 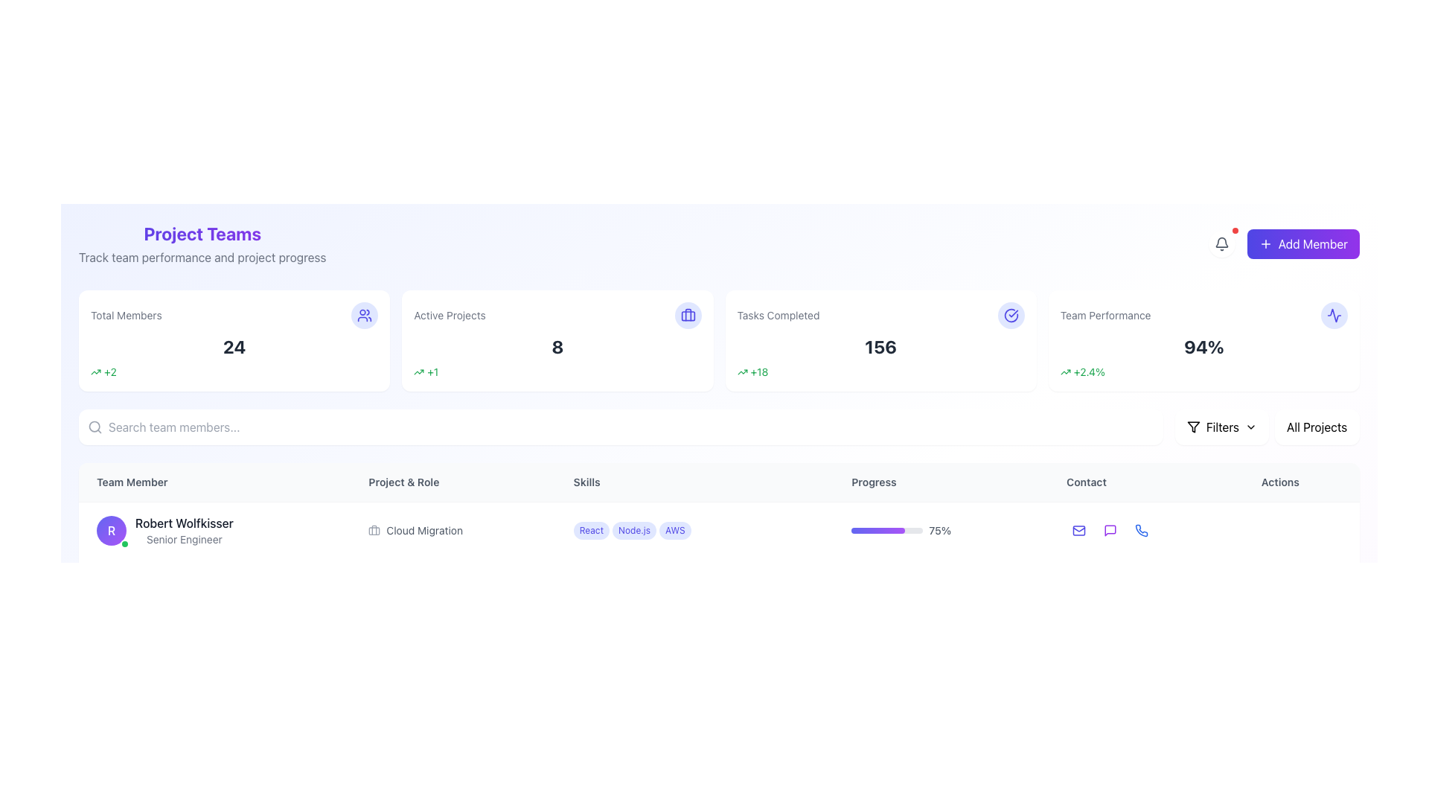 What do you see at coordinates (365, 315) in the screenshot?
I see `the 'Total Members' icon located at the top right corner of the 'Total Members' card, which visually represents the total member metric` at bounding box center [365, 315].